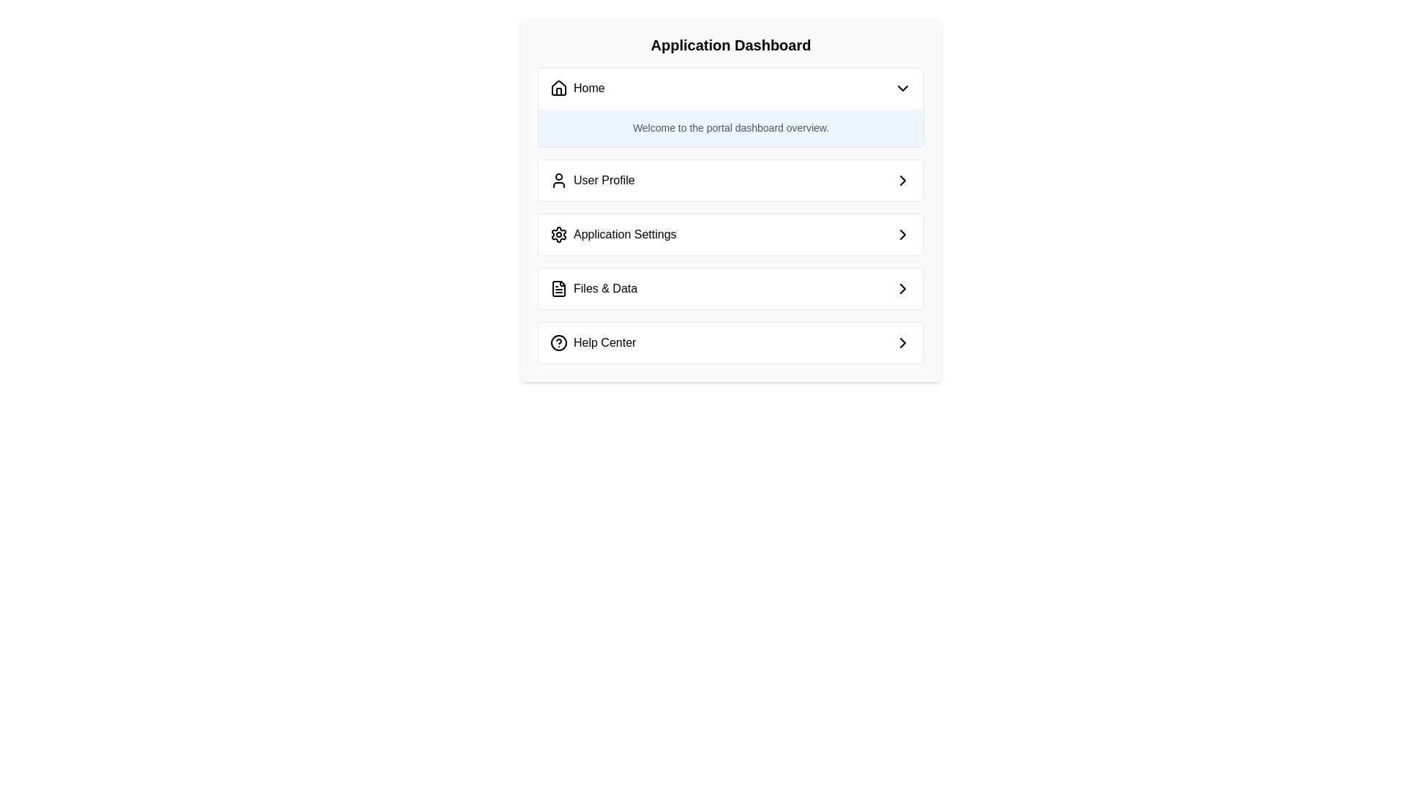 The height and width of the screenshot is (790, 1405). What do you see at coordinates (613, 233) in the screenshot?
I see `the third item in the vertical list of menu options, which is the 'Application Settings' clickable menu item located between 'User Profile' and 'Files & Data'` at bounding box center [613, 233].